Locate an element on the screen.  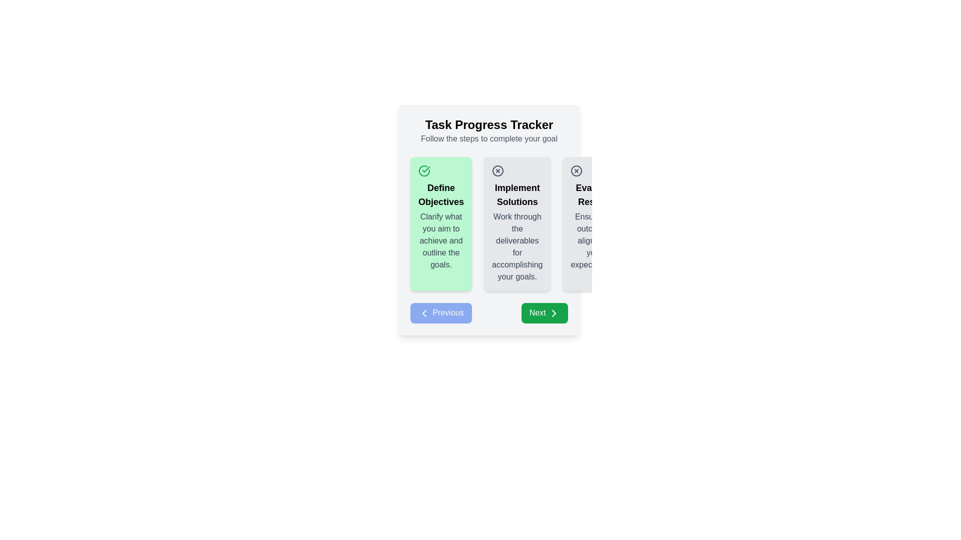
the first step indicator in the Task Progress Tracker is located at coordinates (440, 217).